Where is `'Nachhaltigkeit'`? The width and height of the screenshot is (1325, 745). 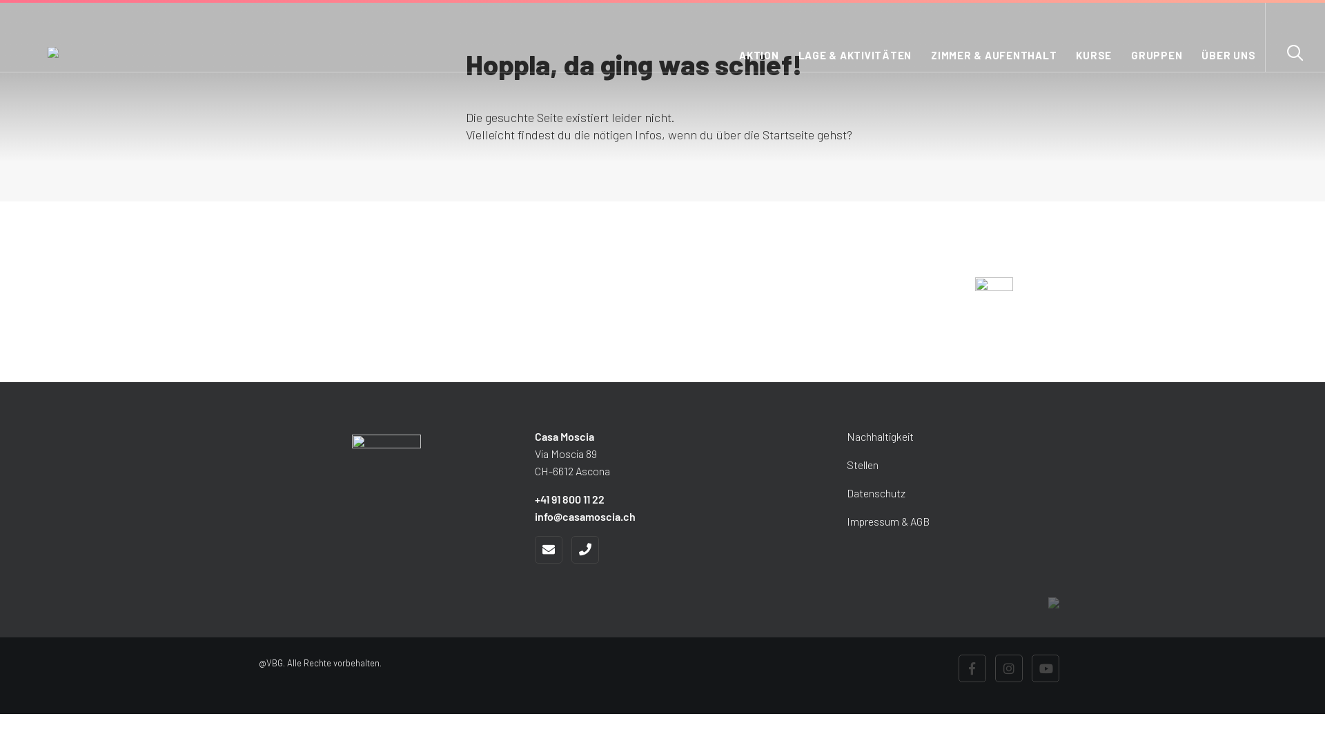 'Nachhaltigkeit' is located at coordinates (811, 436).